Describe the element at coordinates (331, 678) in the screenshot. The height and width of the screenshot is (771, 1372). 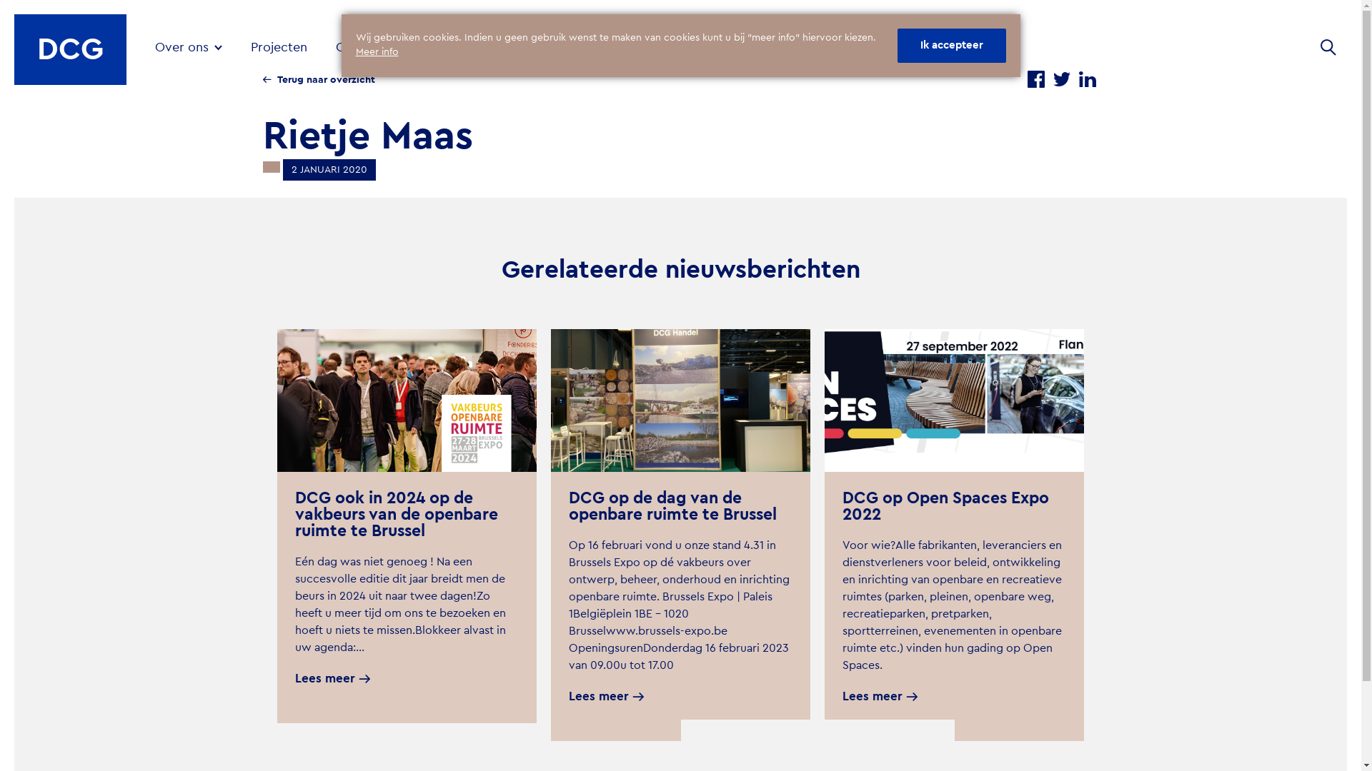
I see `'Lees meer'` at that location.